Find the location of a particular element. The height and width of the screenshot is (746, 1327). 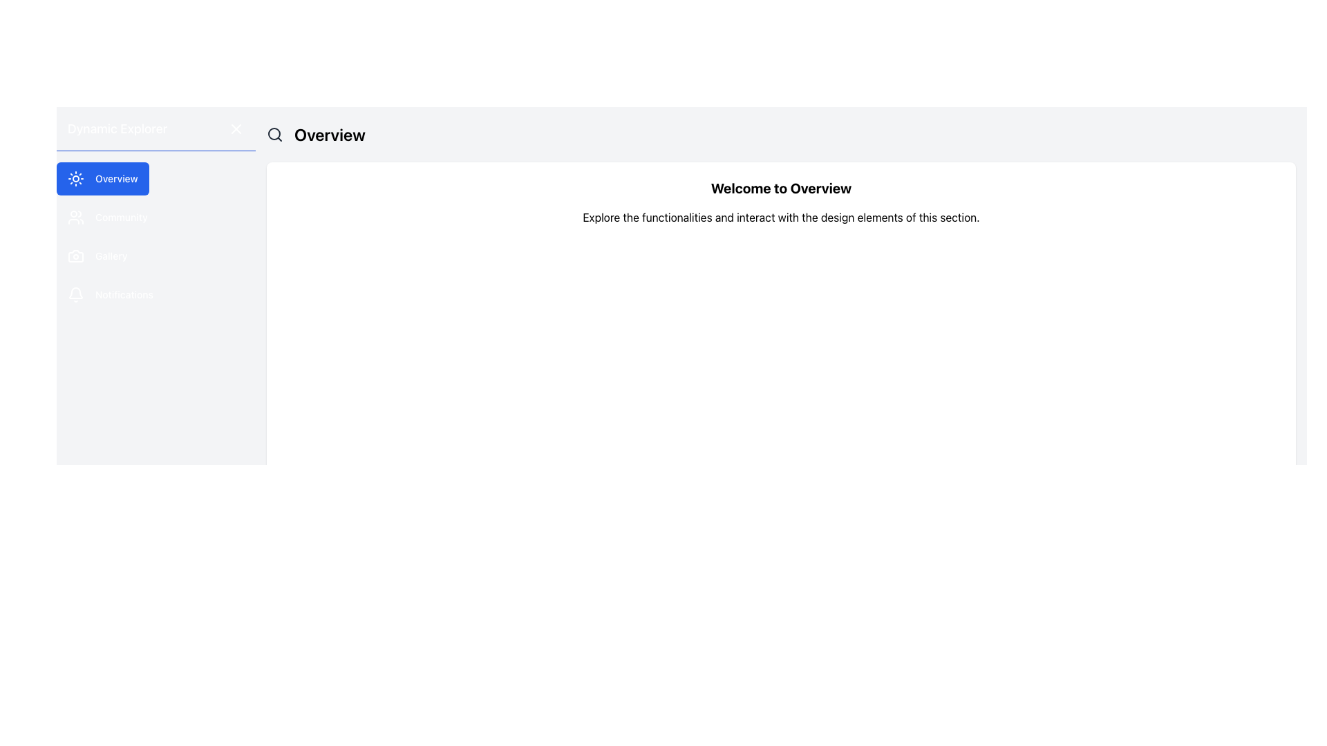

the circular part of the SVG magnifying glass icon located near the 'Overview' text in the upper center-right area of the interface is located at coordinates (274, 133).